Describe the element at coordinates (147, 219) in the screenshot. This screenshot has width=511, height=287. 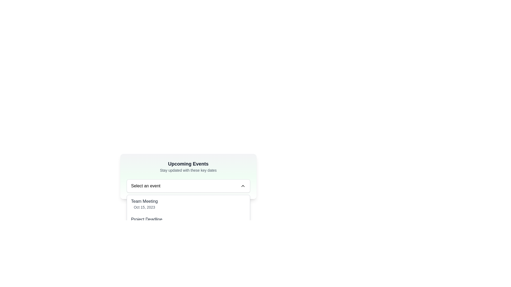
I see `the 'Project Deadline' text label in the 'Upcoming Events' dropdown, which is located above the 'Oct 20, 2023' date` at that location.